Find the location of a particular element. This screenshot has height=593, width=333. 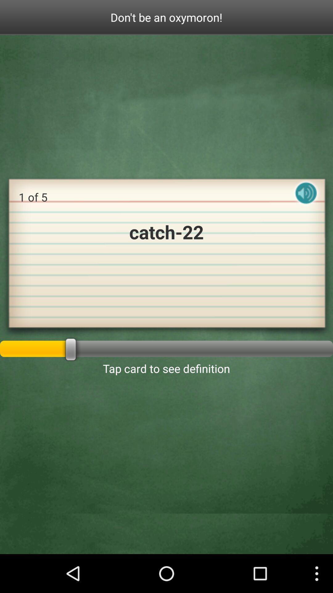

the icon on the right is located at coordinates (306, 198).